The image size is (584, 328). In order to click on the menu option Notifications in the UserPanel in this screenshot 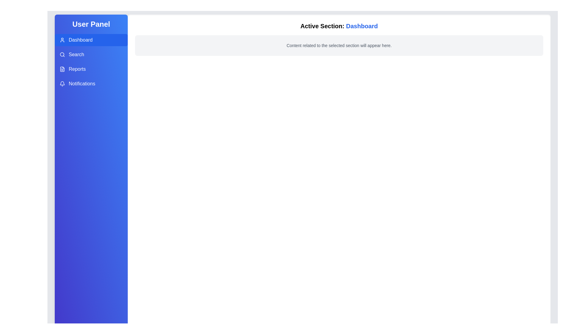, I will do `click(91, 84)`.